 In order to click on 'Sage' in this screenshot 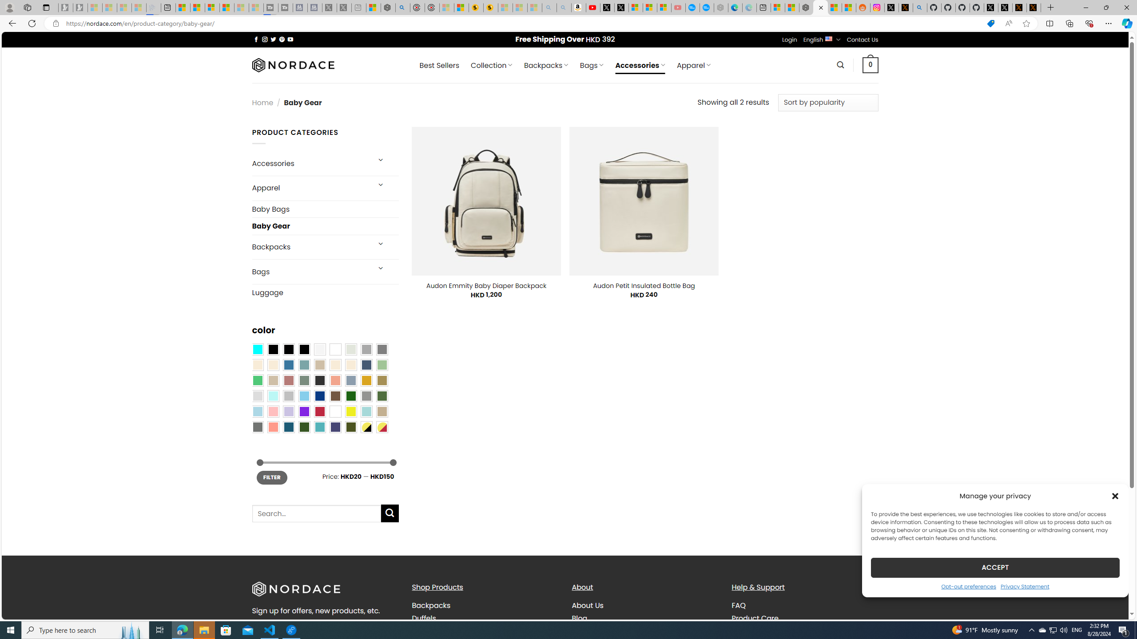, I will do `click(304, 380)`.